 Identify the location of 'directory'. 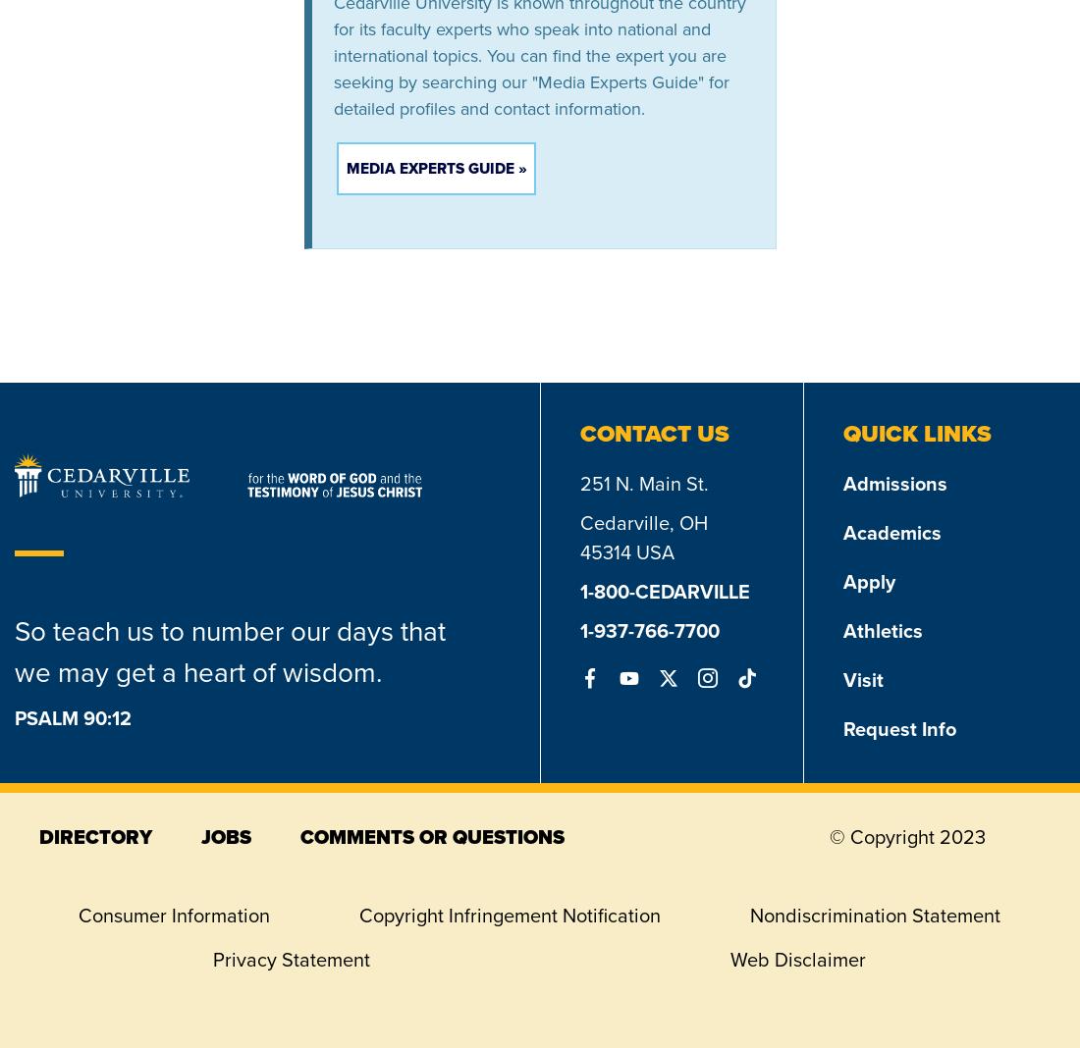
(95, 836).